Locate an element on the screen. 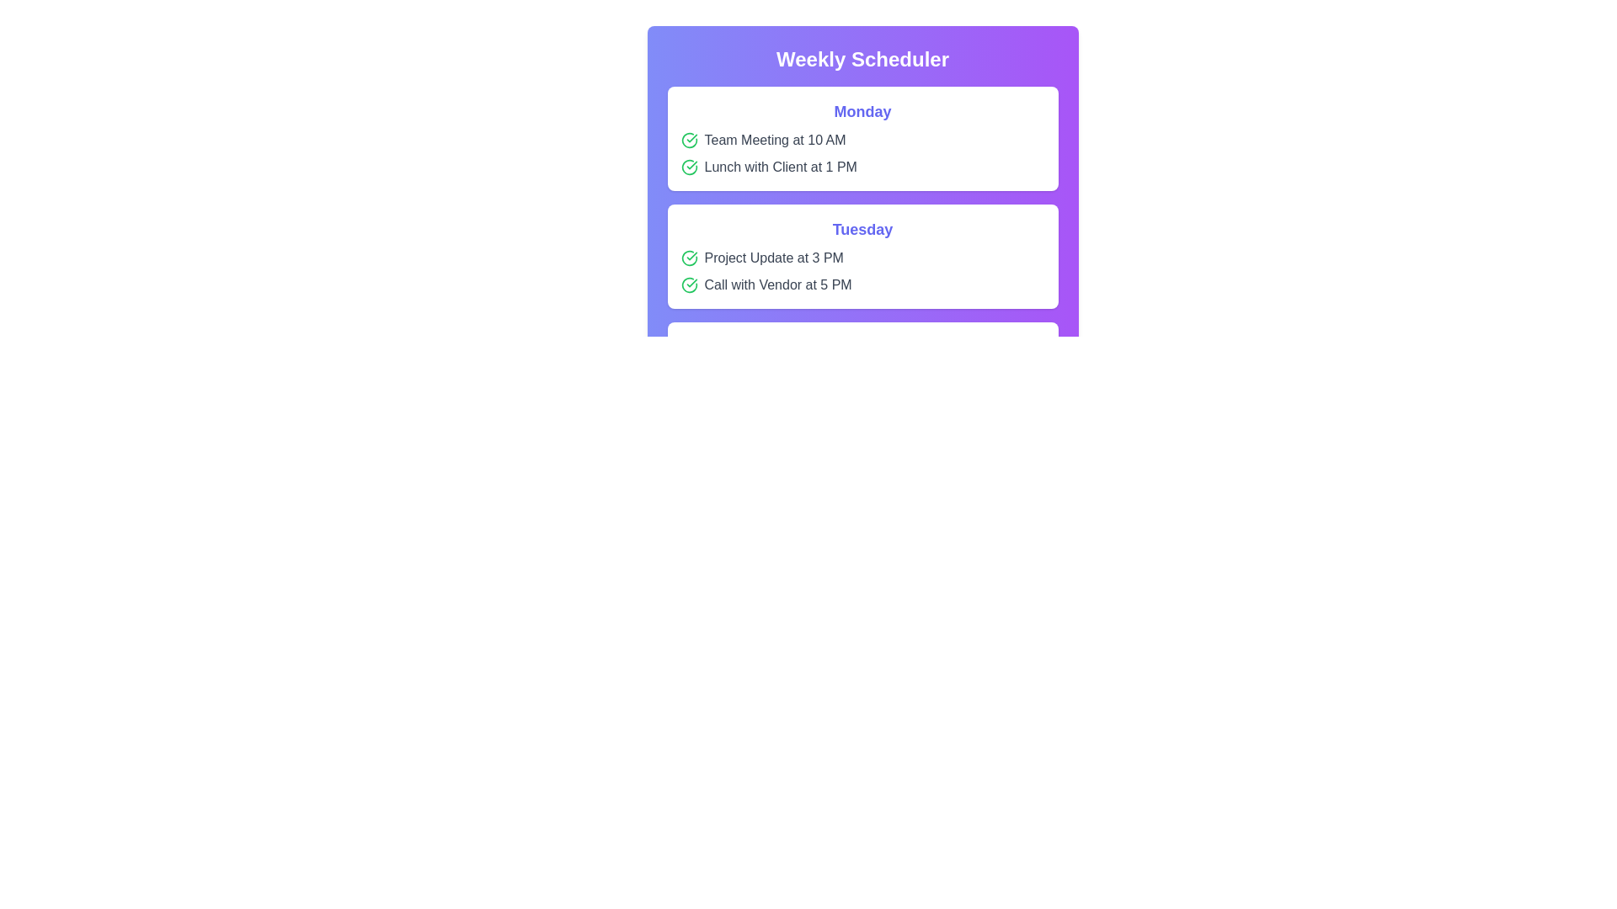 This screenshot has width=1617, height=909. the event item Call with Vendor at 5 PM to interact with it is located at coordinates (862, 284).